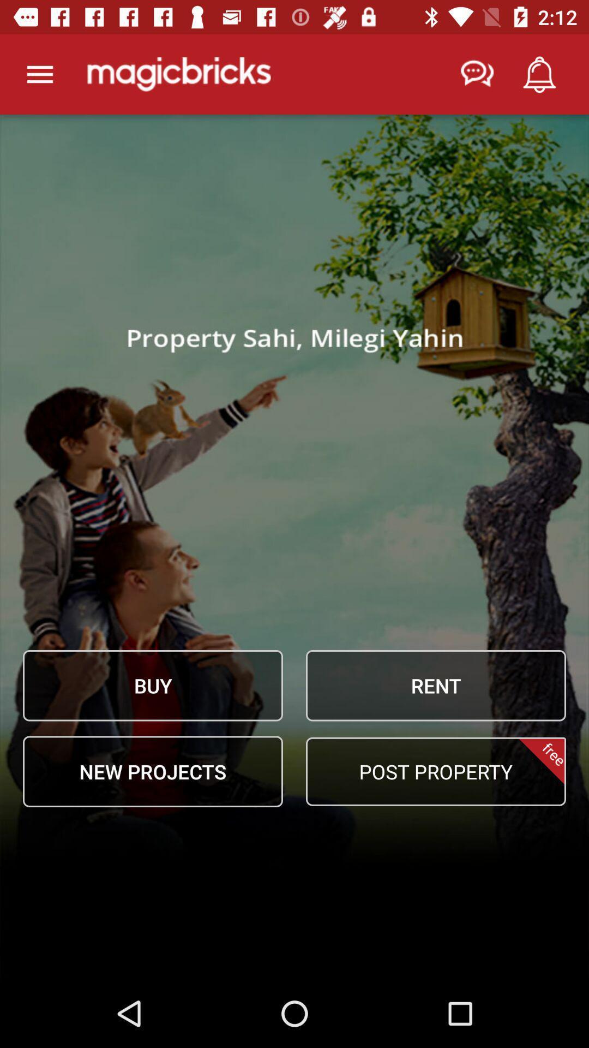 The image size is (589, 1048). I want to click on the icon next to the post property icon, so click(153, 771).